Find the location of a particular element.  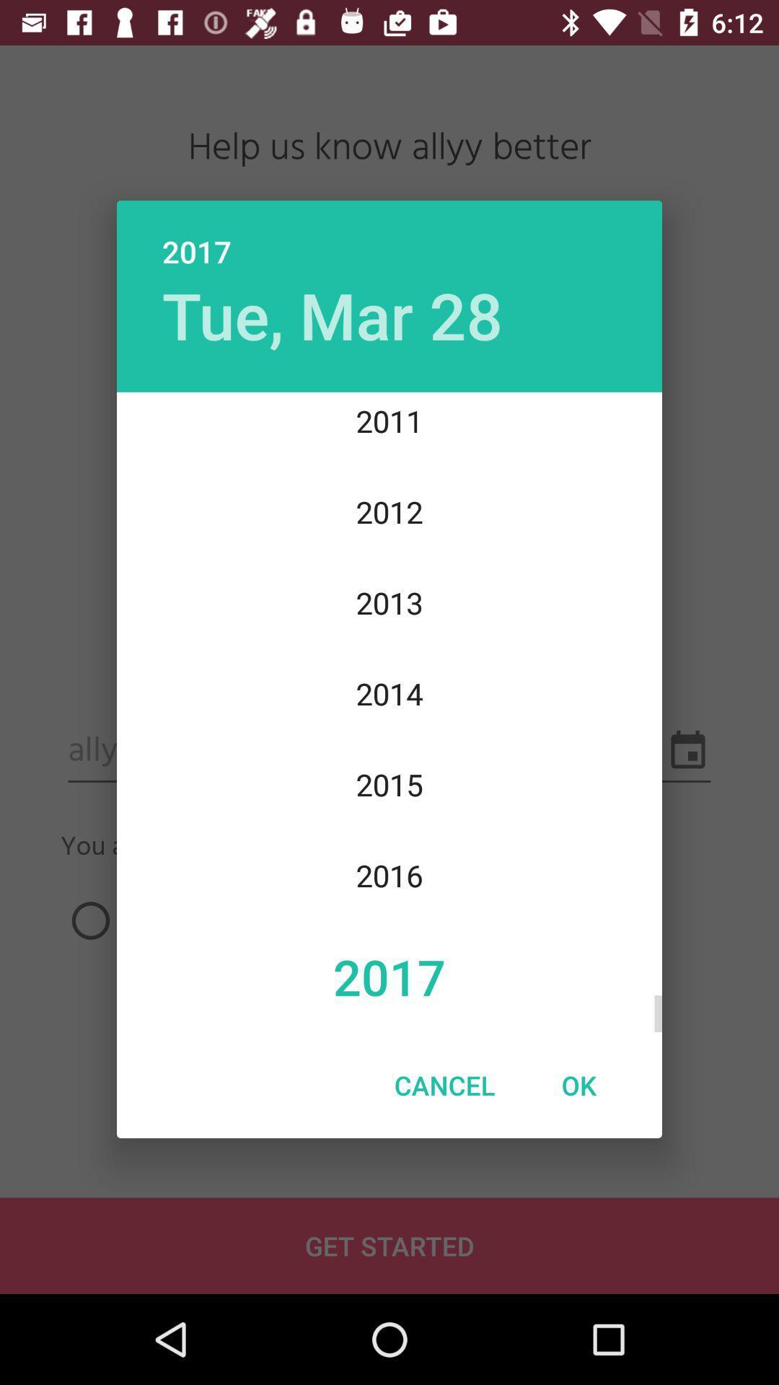

ok at the bottom right corner is located at coordinates (578, 1085).